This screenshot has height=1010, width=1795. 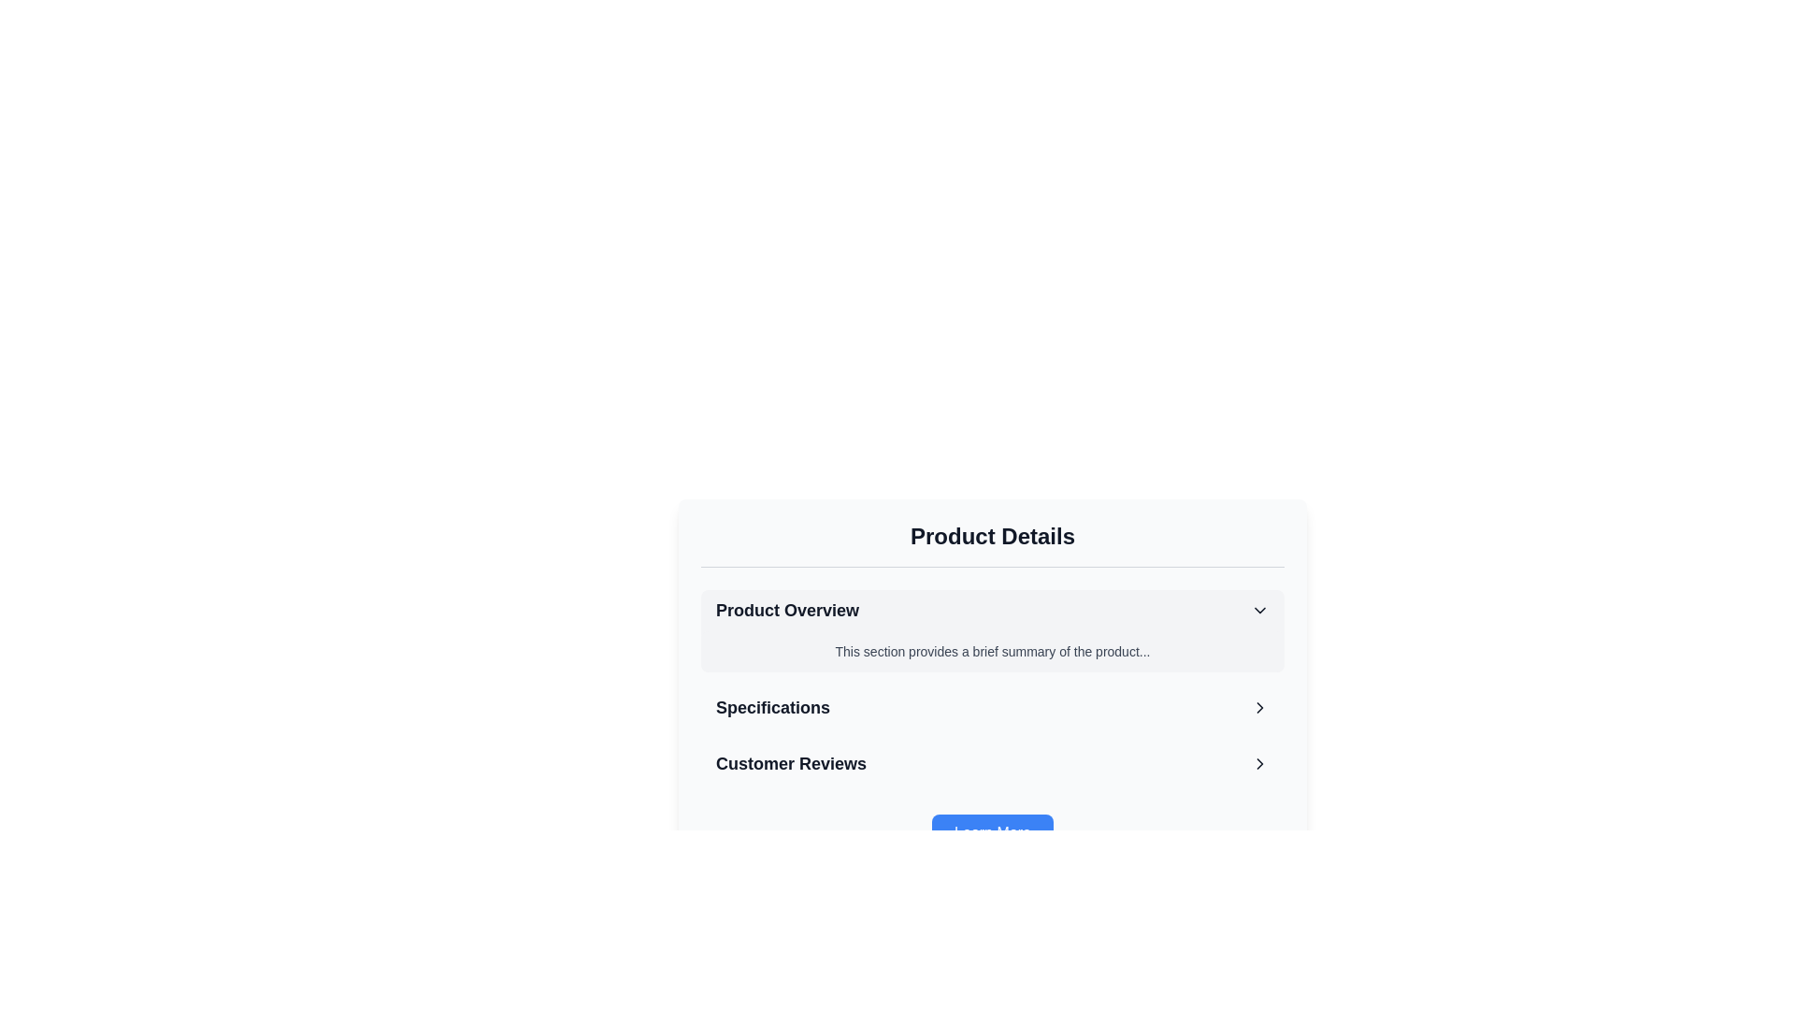 I want to click on the 'Learn More' button located at the bottom of the 'Product Details' section, so click(x=991, y=832).